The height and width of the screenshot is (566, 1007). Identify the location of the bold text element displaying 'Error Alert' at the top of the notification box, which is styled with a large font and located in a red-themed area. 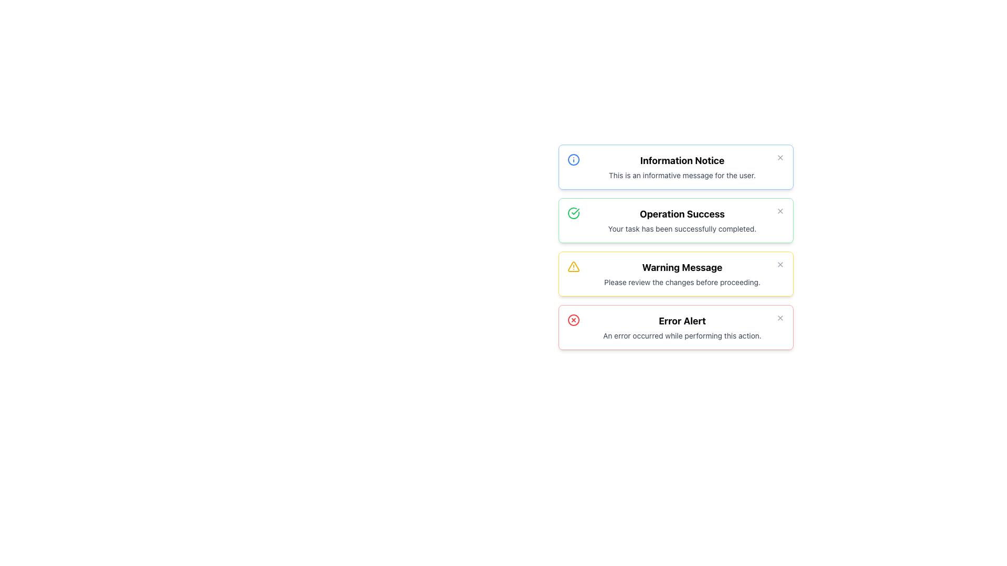
(682, 321).